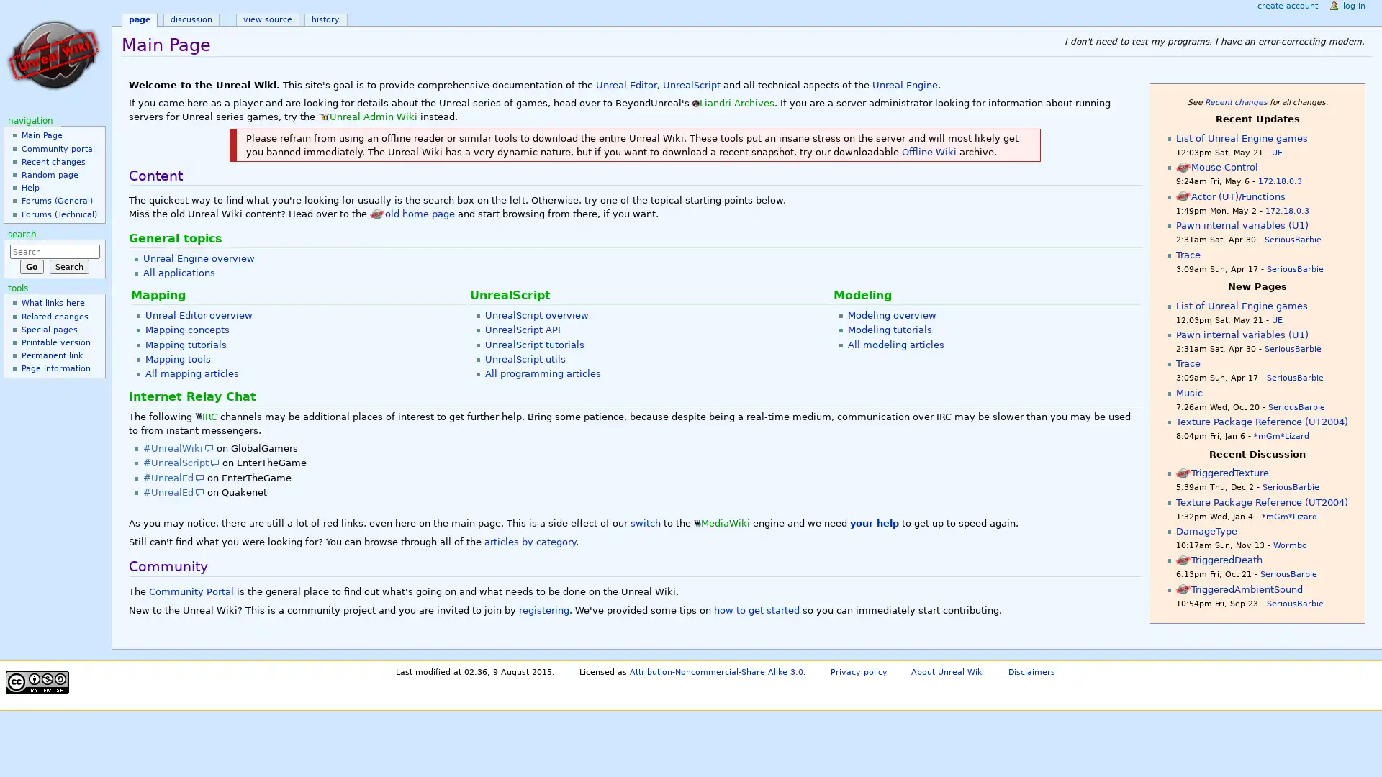 Image resolution: width=1382 pixels, height=777 pixels. Describe the element at coordinates (31, 266) in the screenshot. I see `Go` at that location.